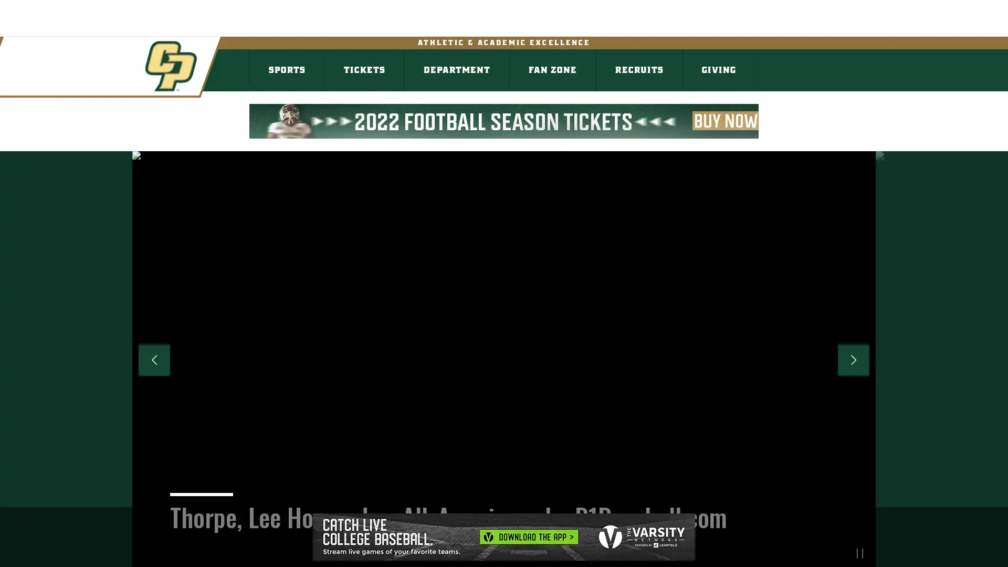  Describe the element at coordinates (153, 360) in the screenshot. I see `previous` at that location.